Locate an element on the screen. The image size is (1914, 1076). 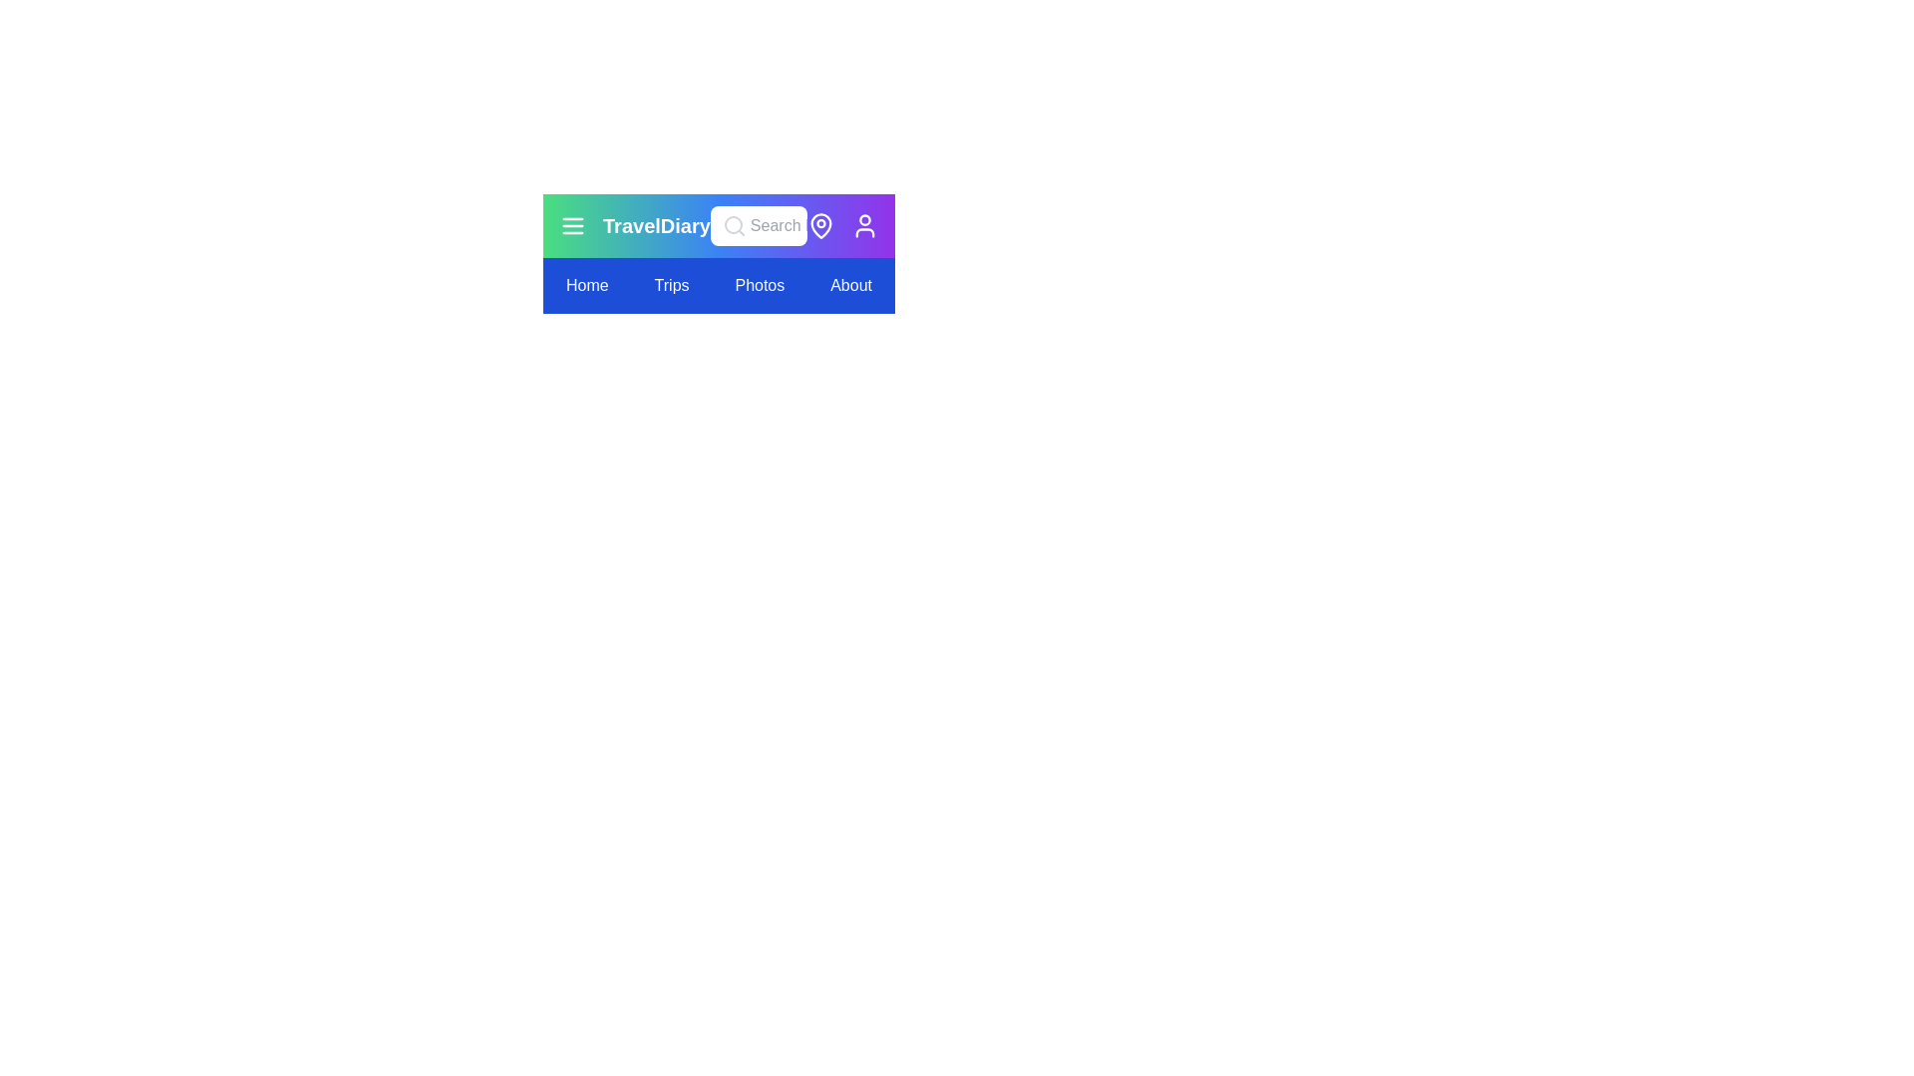
the navigation menu item Photos to navigate to the respective section is located at coordinates (759, 285).